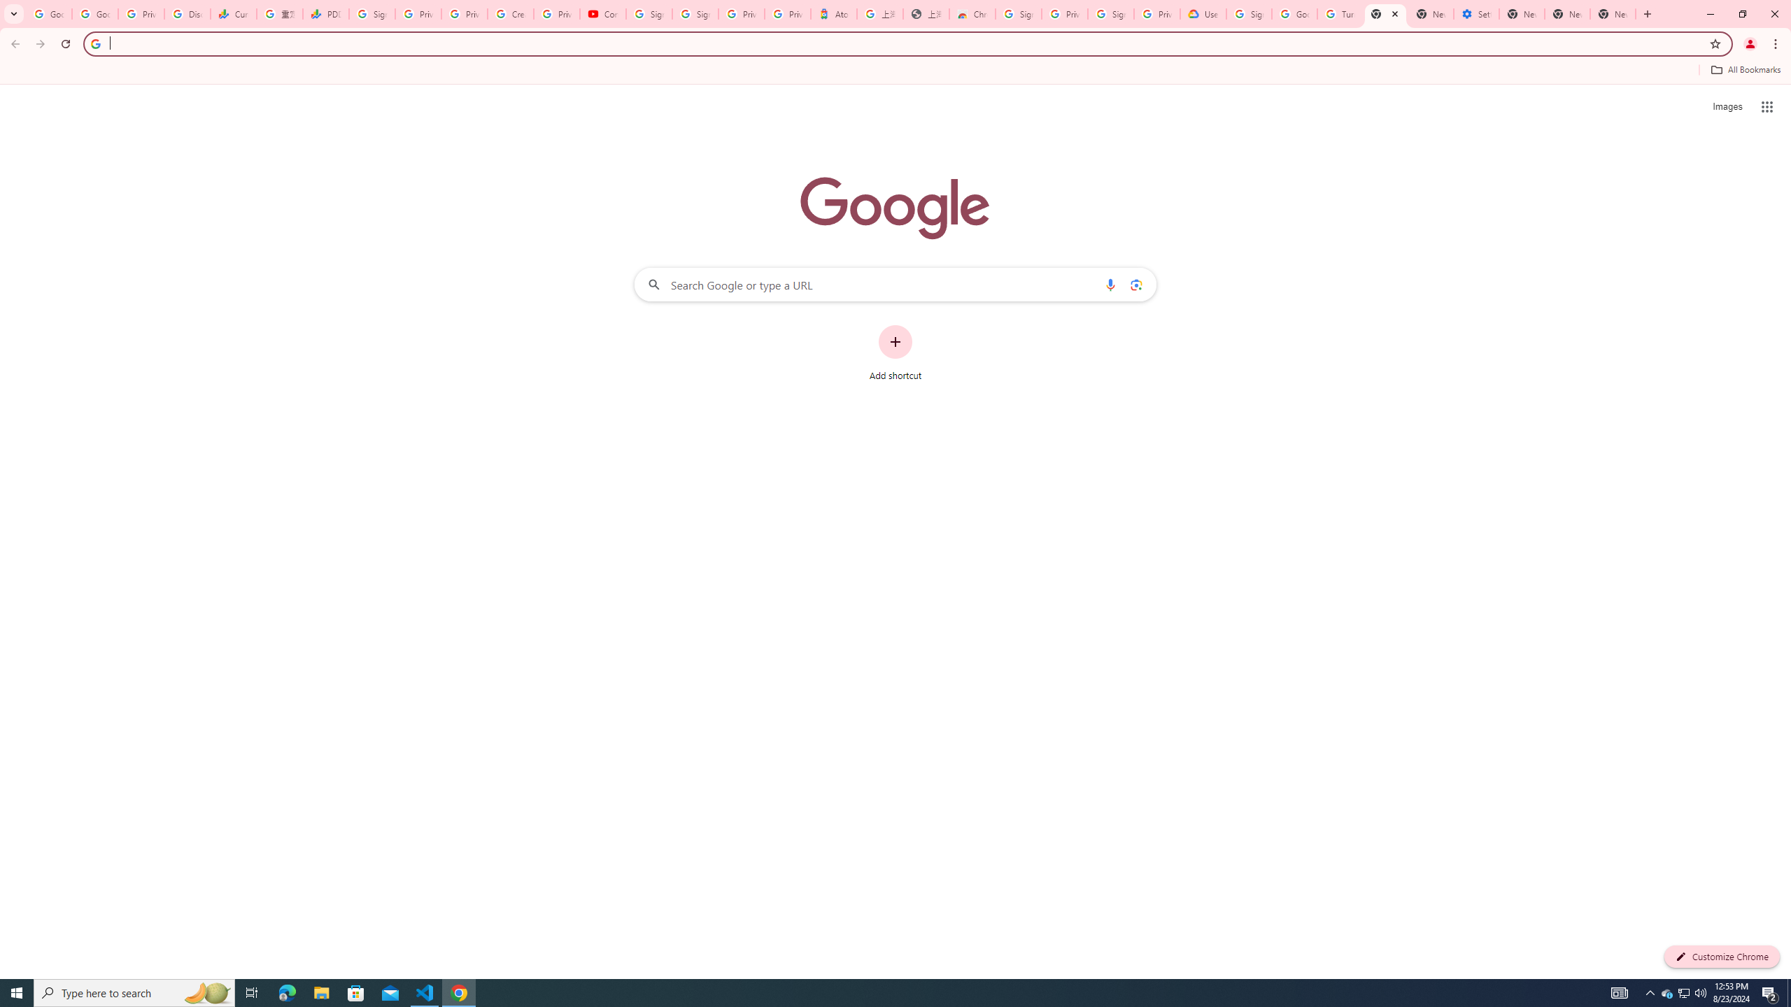 This screenshot has height=1007, width=1791. Describe the element at coordinates (695, 13) in the screenshot. I see `'Sign in - Google Accounts'` at that location.